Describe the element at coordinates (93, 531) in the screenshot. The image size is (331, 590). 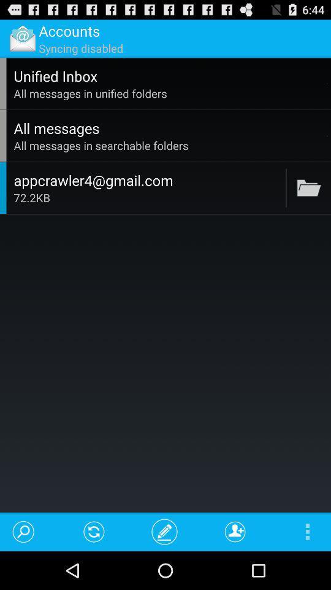
I see `the app below the 72.2kb app` at that location.